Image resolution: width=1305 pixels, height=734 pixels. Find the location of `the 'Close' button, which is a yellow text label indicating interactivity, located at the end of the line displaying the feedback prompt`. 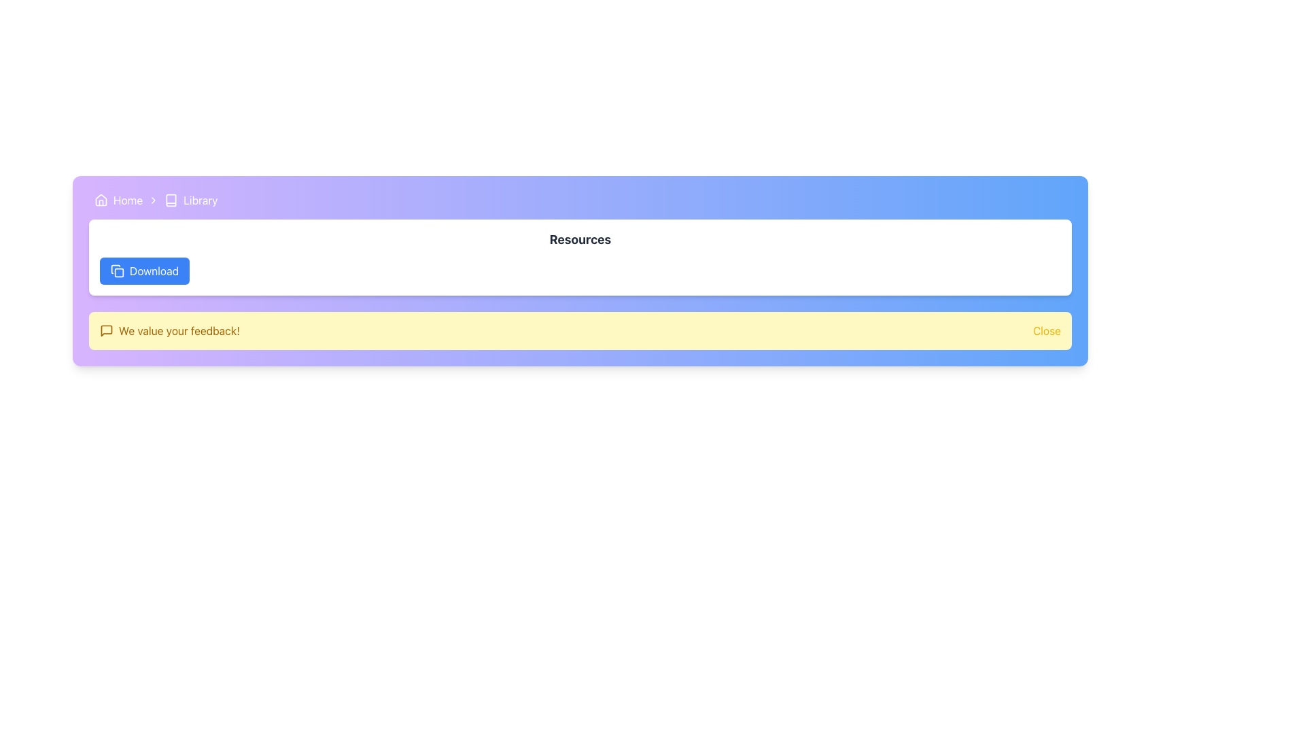

the 'Close' button, which is a yellow text label indicating interactivity, located at the end of the line displaying the feedback prompt is located at coordinates (1046, 330).